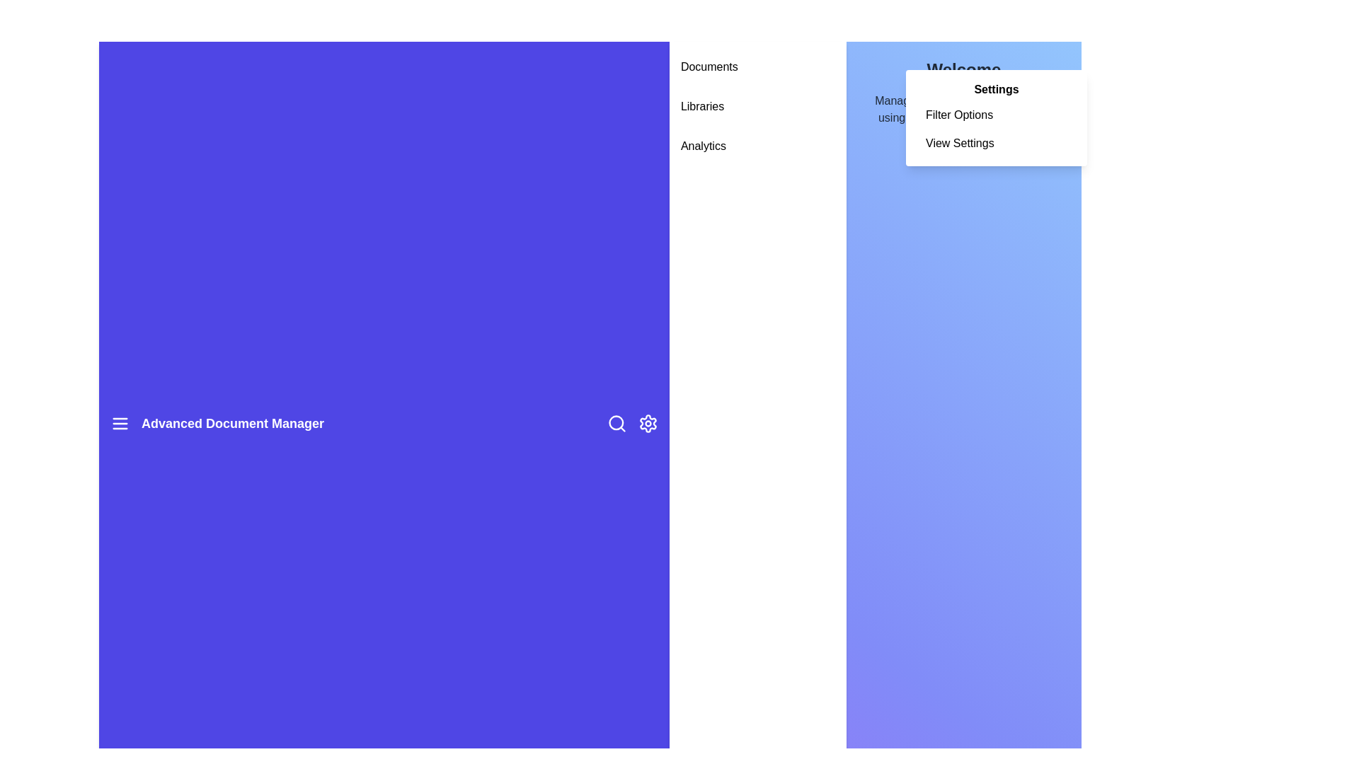 This screenshot has height=764, width=1359. Describe the element at coordinates (120, 422) in the screenshot. I see `the menu icon to toggle the sidebar visibility` at that location.